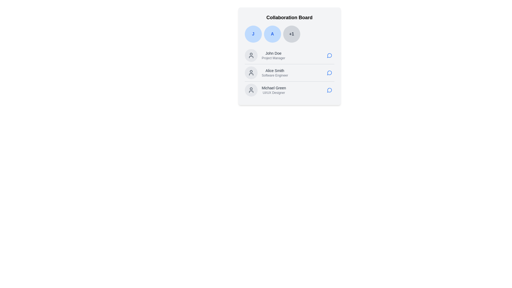 The image size is (512, 288). Describe the element at coordinates (329, 55) in the screenshot. I see `the icon button located next` at that location.